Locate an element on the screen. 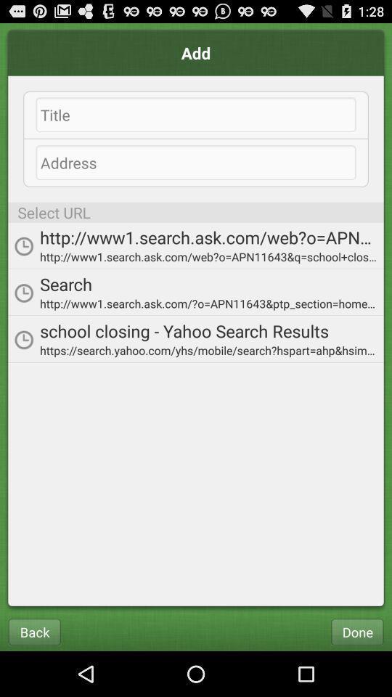 Image resolution: width=392 pixels, height=697 pixels. the done is located at coordinates (356, 631).